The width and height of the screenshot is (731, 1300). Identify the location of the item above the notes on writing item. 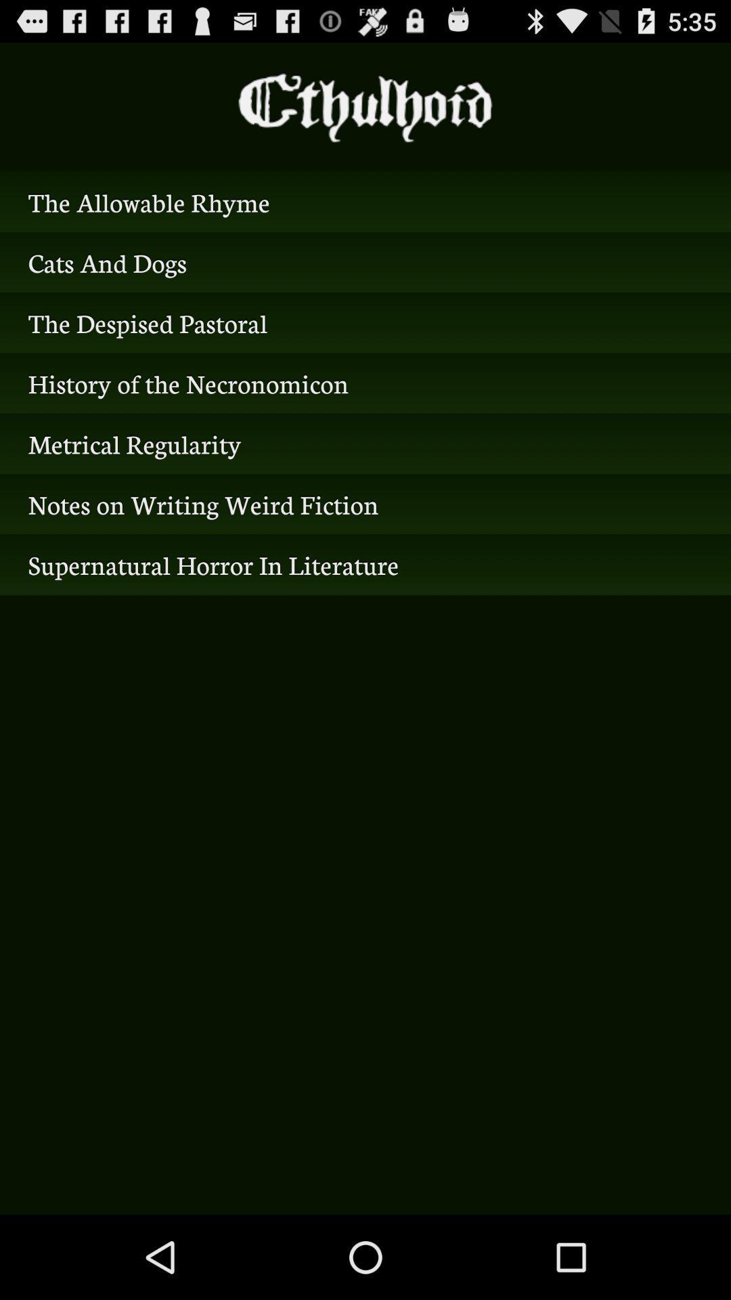
(365, 443).